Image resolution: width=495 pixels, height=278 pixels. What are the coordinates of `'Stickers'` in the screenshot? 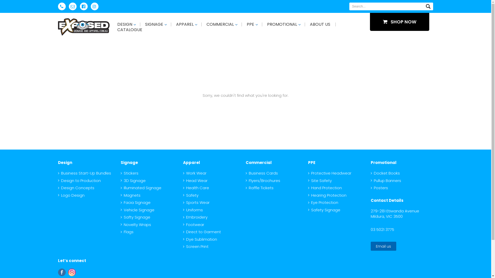 It's located at (129, 173).